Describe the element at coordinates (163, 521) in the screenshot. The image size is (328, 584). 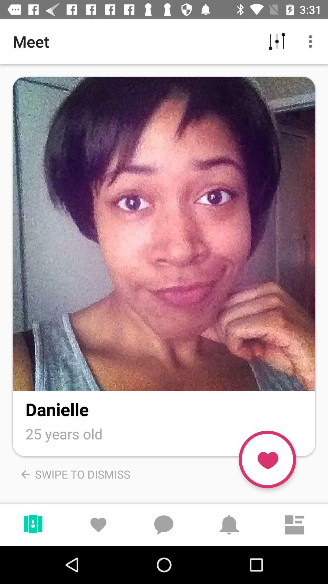
I see `the chat icon left side of bell icon` at that location.